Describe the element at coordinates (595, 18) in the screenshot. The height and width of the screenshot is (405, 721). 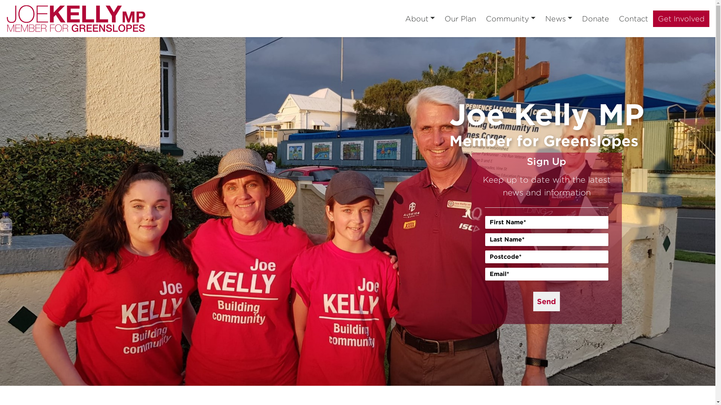
I see `'Donate'` at that location.